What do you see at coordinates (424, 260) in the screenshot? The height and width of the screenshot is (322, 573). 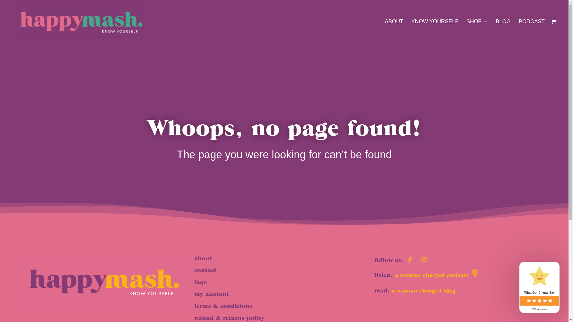 I see `'Follow on Instagram'` at bounding box center [424, 260].